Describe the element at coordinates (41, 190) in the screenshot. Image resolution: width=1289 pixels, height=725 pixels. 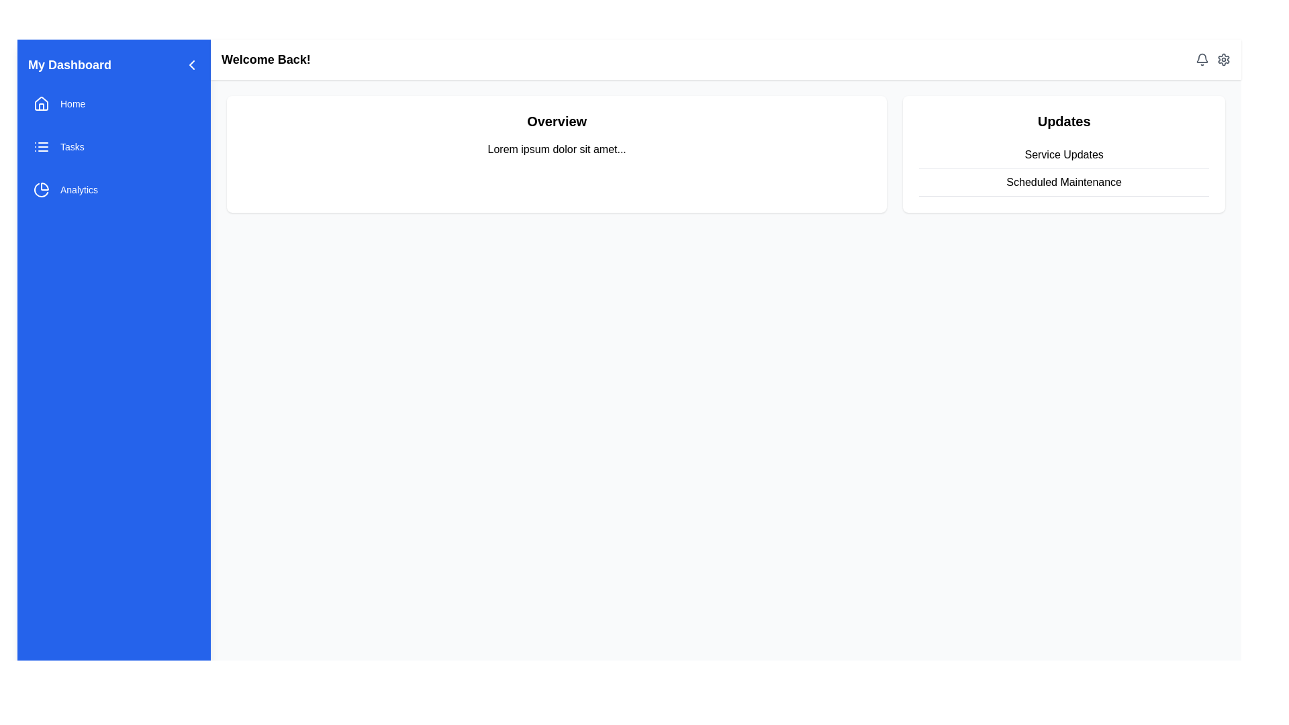
I see `the 'Analytics' icon in the vertical navigation menu located on the left sidebar, positioned between the 'Tasks' menu item and the 'Analytics' label` at that location.